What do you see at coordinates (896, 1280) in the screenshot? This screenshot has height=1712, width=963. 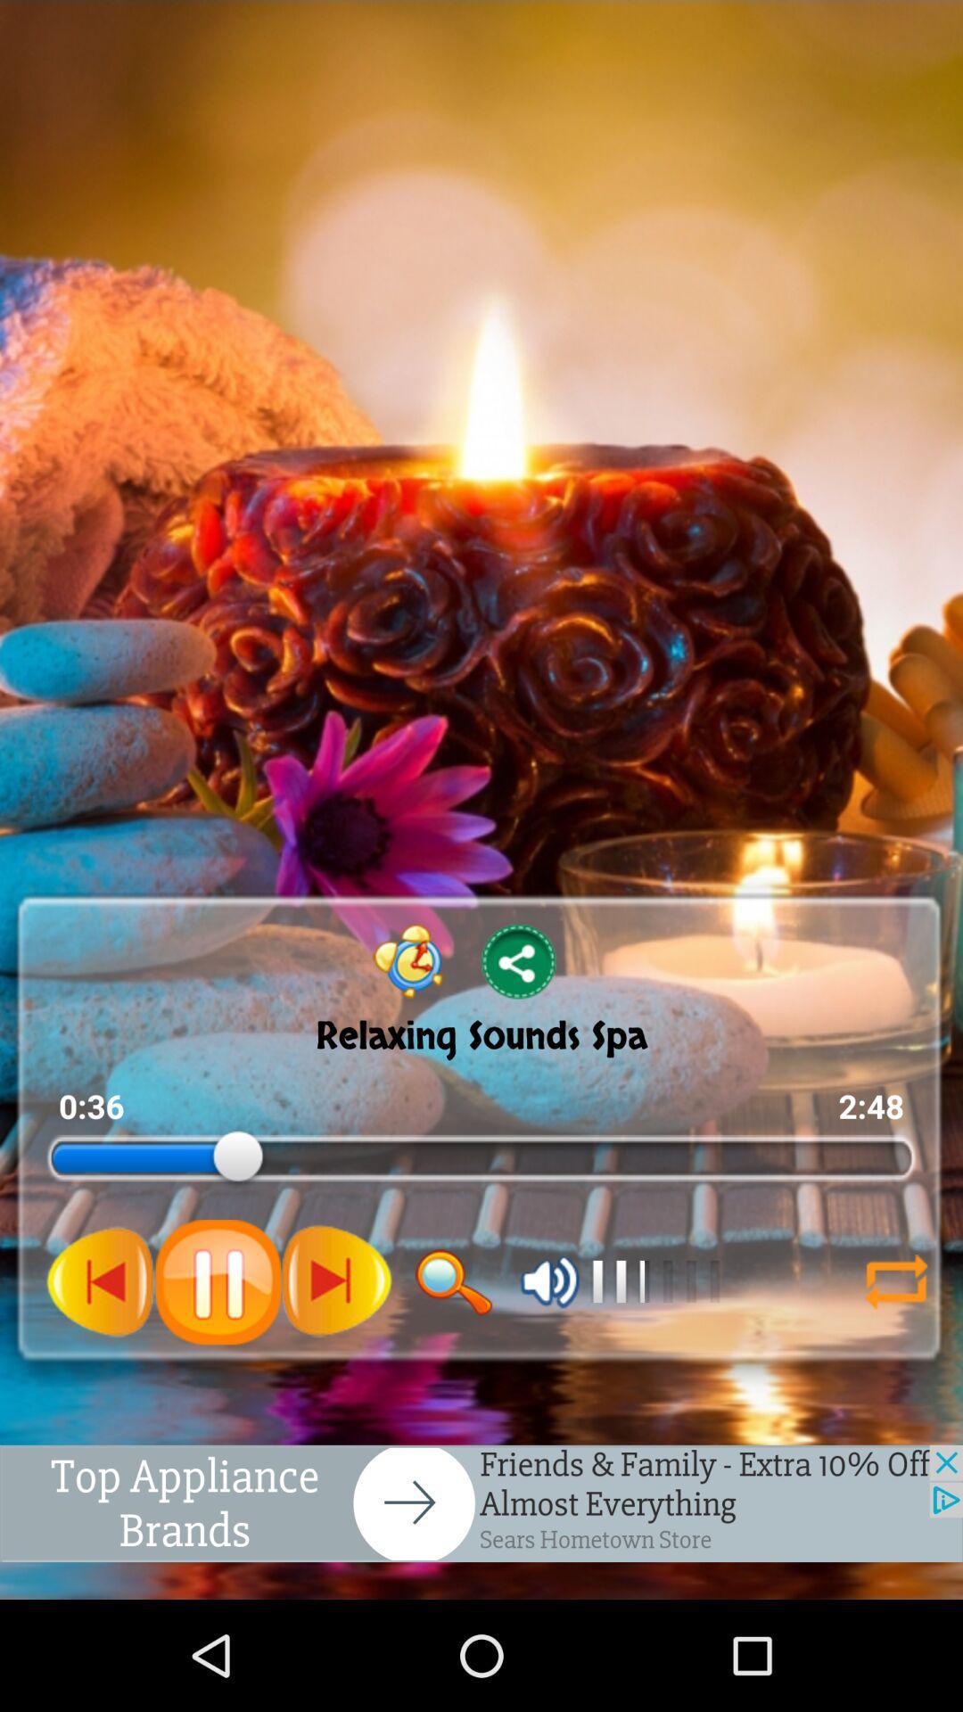 I see `backfact` at bounding box center [896, 1280].